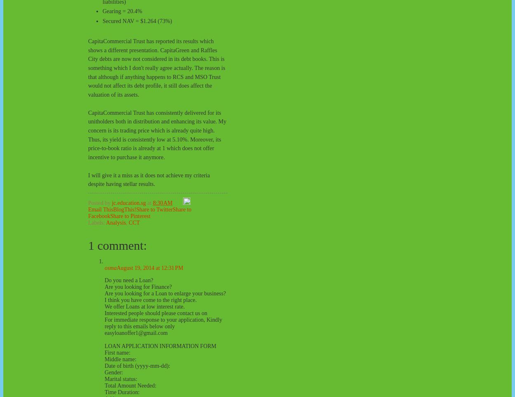 This screenshot has height=397, width=515. Describe the element at coordinates (150, 299) in the screenshot. I see `'I think you have come to the right place.'` at that location.